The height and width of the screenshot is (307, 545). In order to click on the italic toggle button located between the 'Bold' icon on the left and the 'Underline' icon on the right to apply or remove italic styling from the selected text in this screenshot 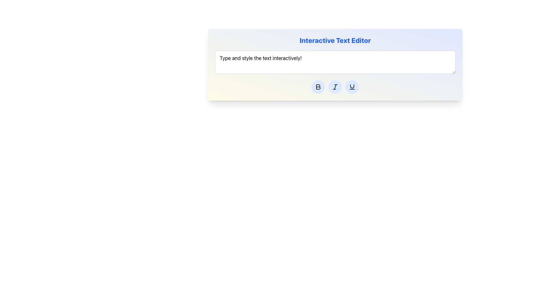, I will do `click(335, 87)`.